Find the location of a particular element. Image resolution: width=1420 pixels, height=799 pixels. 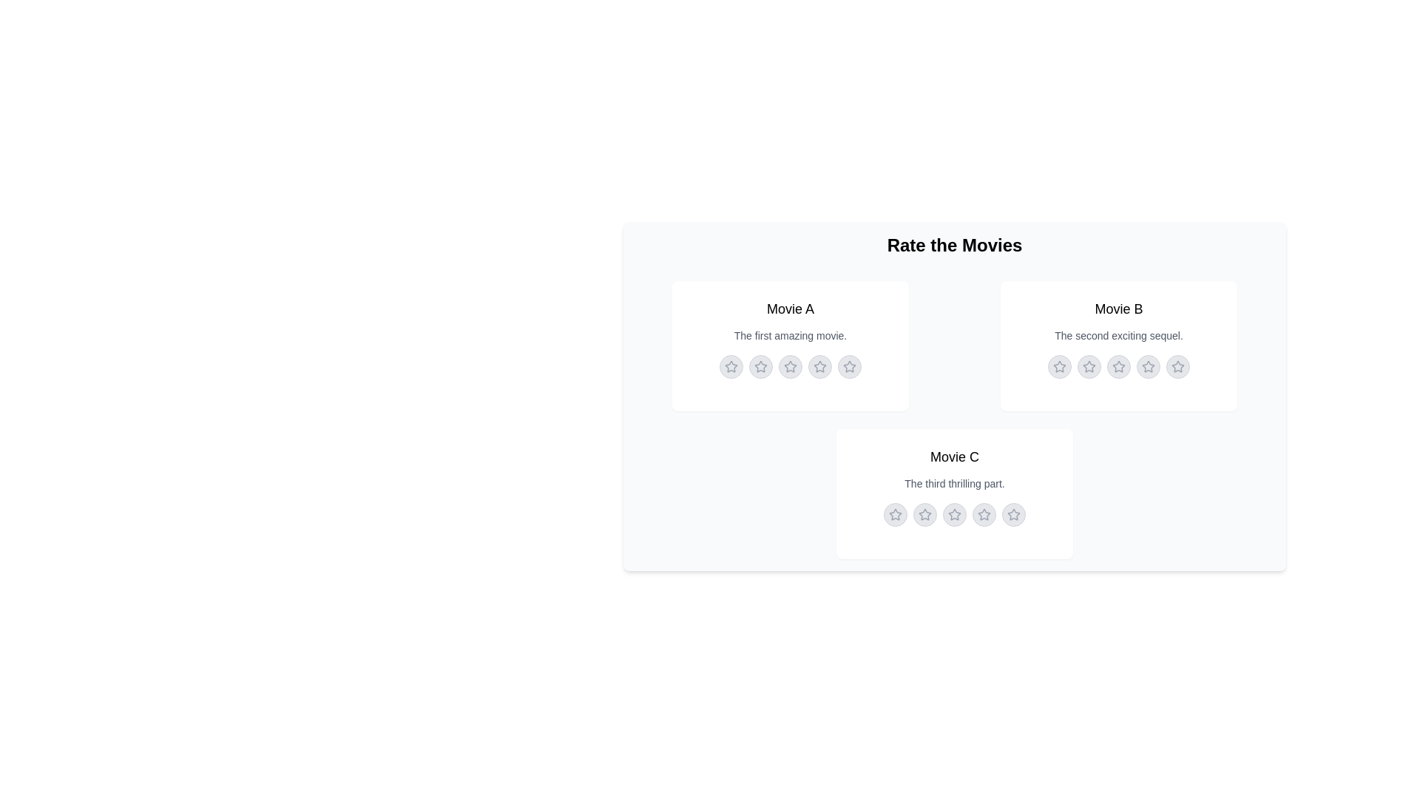

the circular button with a gray background and an outlined star icon, which is the fourth button in a horizontal row of five buttons within the 'Movie A' card is located at coordinates (819, 366).